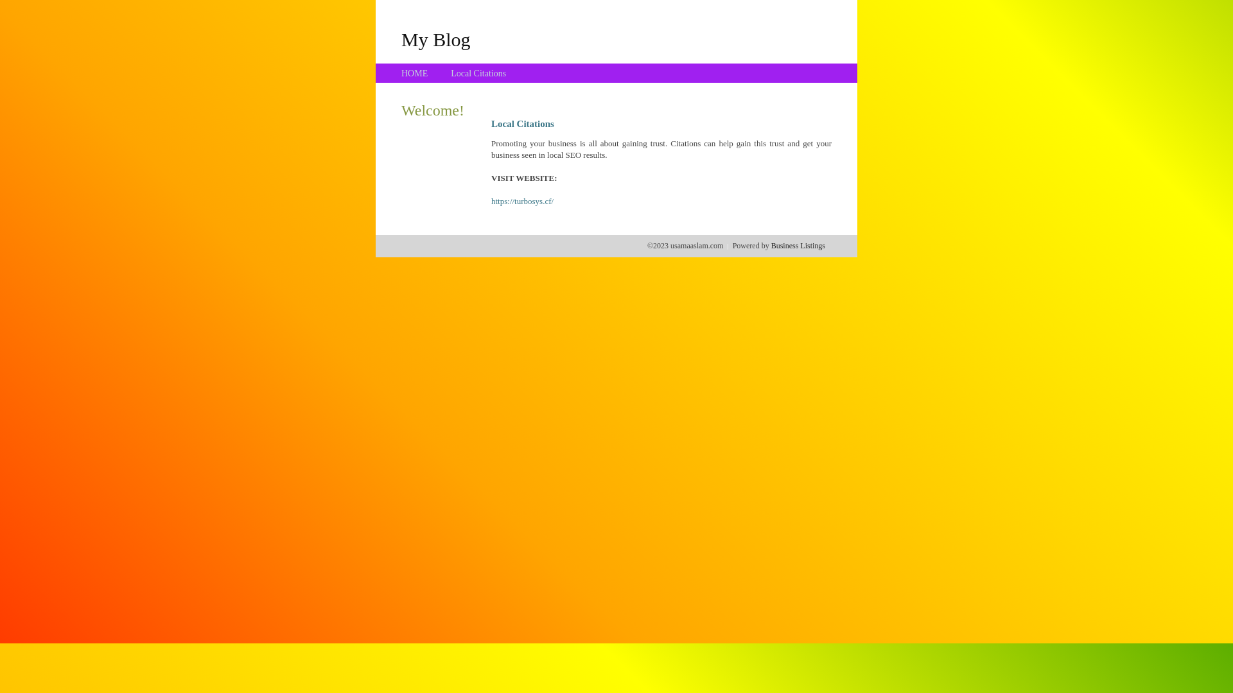  I want to click on 'Local Citations', so click(477, 73).